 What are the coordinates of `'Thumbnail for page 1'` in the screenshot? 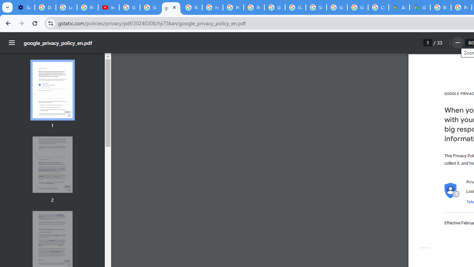 It's located at (52, 90).